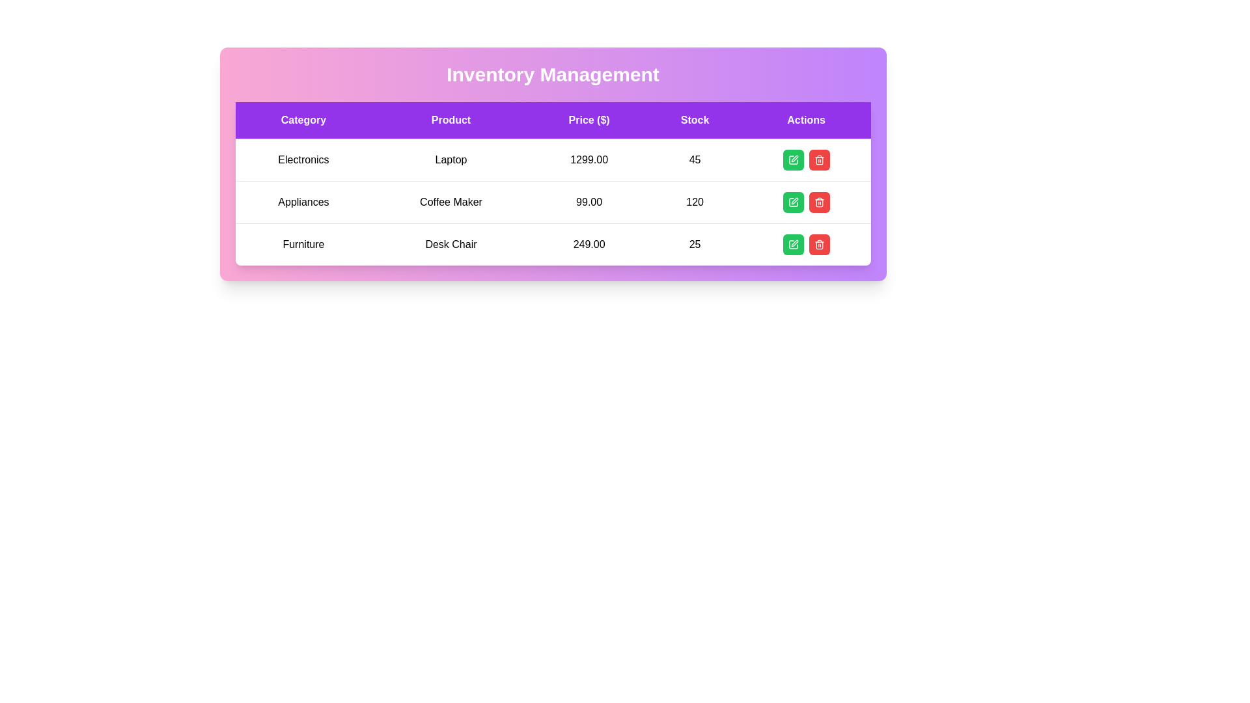 This screenshot has height=703, width=1250. What do you see at coordinates (553, 244) in the screenshot?
I see `the Table Row element representing the product listing for 'Desk Chair' in the 'Furniture' category, priced at '$249.00' with a stock count of '25'` at bounding box center [553, 244].